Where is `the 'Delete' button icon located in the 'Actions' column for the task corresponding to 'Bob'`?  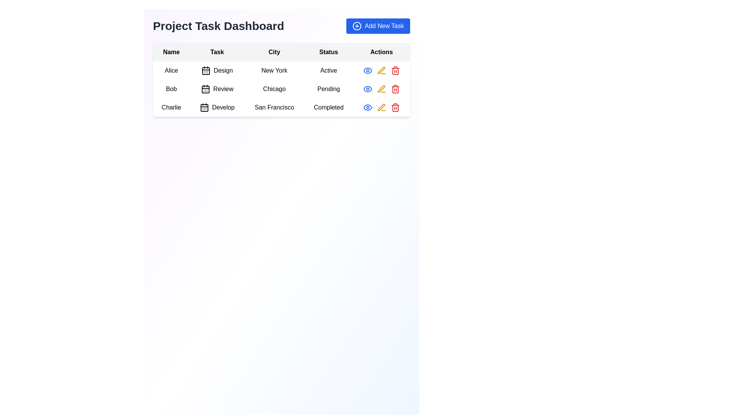 the 'Delete' button icon located in the 'Actions' column for the task corresponding to 'Bob' is located at coordinates (395, 71).